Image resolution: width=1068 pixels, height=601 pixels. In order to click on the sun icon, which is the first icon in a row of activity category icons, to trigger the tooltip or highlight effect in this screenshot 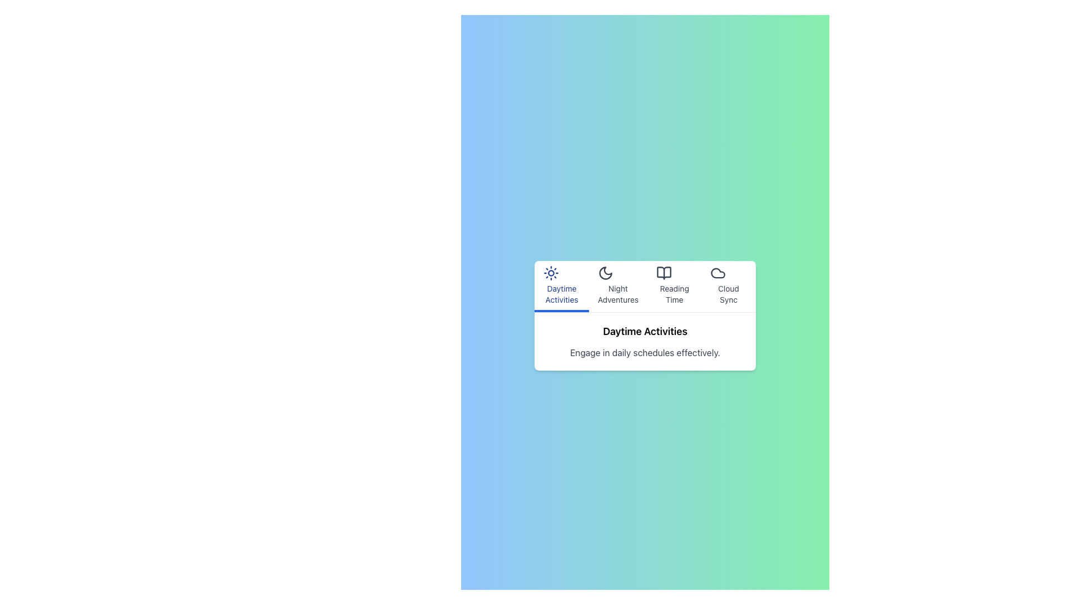, I will do `click(551, 273)`.